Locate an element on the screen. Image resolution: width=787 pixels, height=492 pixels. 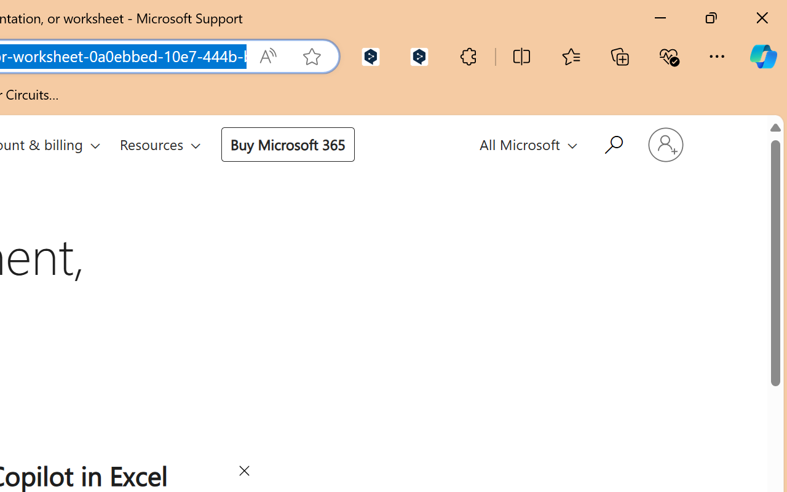
'Sign in to your account' is located at coordinates (665, 144).